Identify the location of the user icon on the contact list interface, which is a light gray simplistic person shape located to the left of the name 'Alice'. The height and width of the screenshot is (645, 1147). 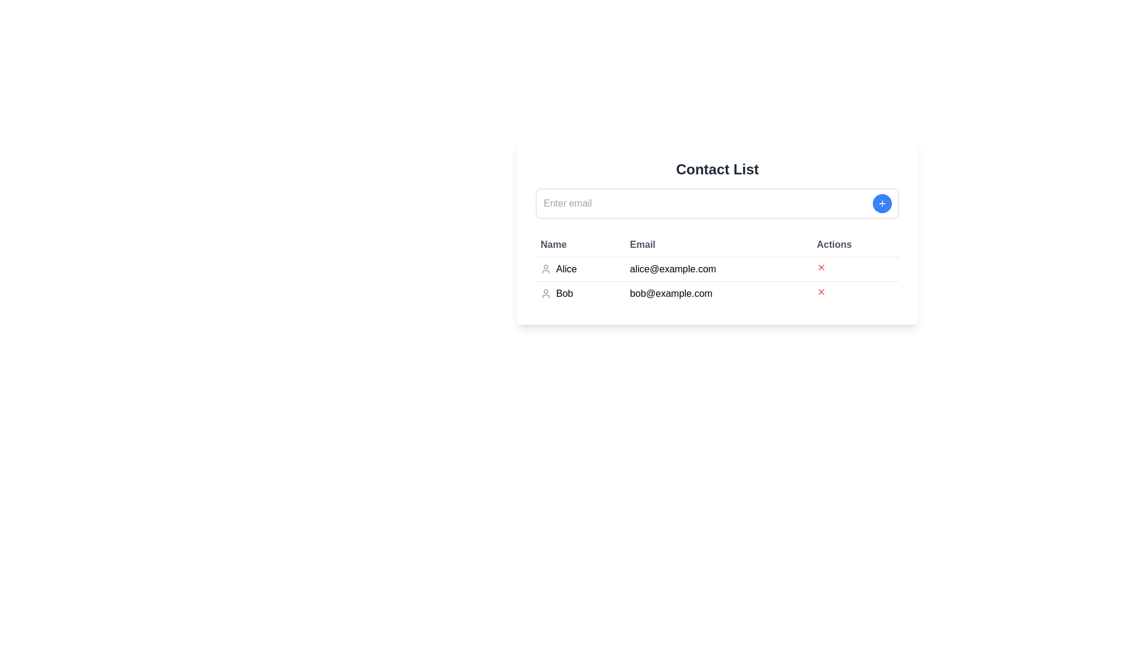
(545, 269).